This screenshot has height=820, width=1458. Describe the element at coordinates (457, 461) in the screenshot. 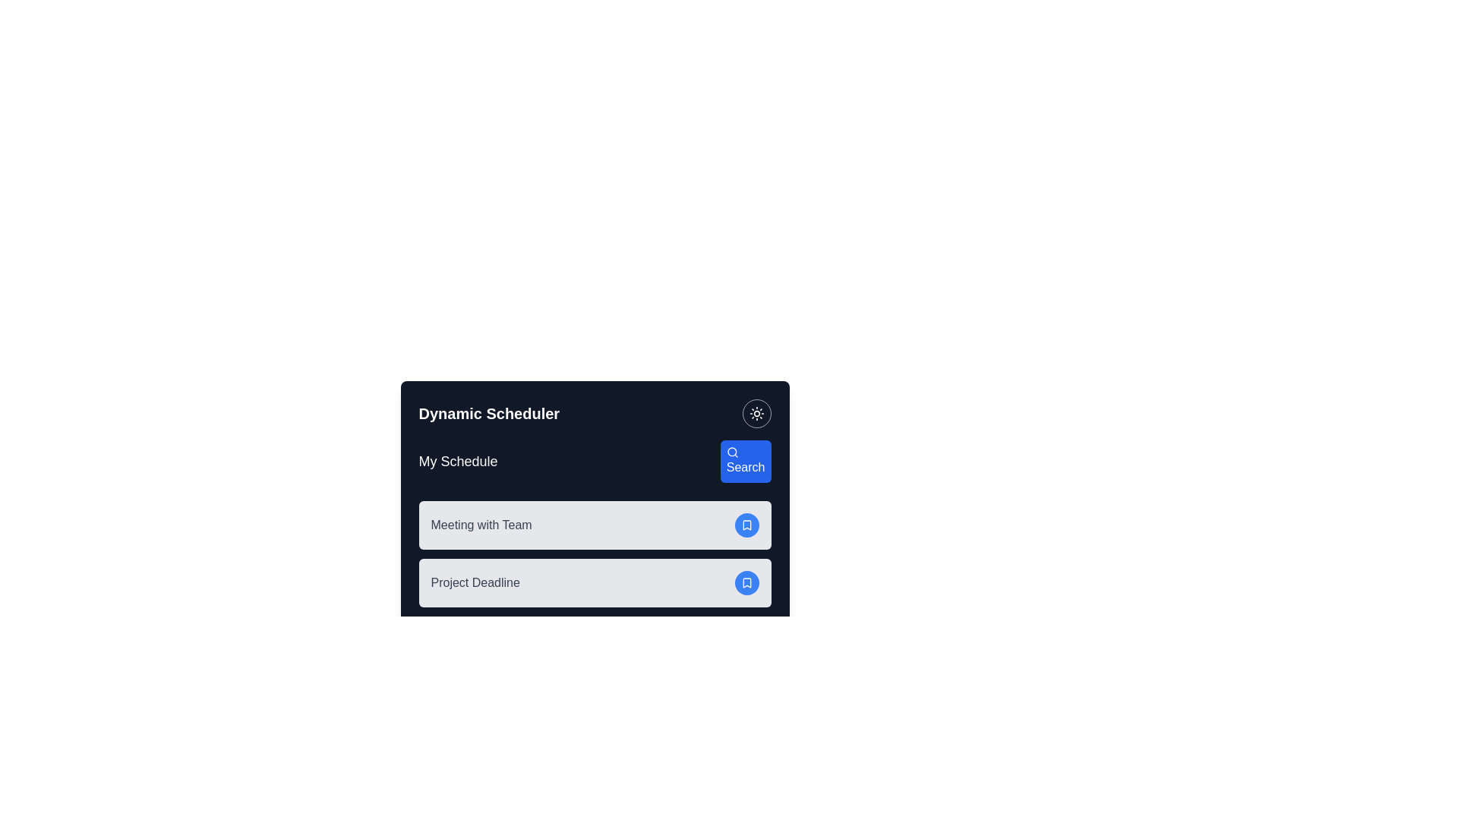

I see `the 'My Schedule' text label, which is a larger sans-serif font label located in the top-left area of a horizontal section header, next to a search button` at that location.